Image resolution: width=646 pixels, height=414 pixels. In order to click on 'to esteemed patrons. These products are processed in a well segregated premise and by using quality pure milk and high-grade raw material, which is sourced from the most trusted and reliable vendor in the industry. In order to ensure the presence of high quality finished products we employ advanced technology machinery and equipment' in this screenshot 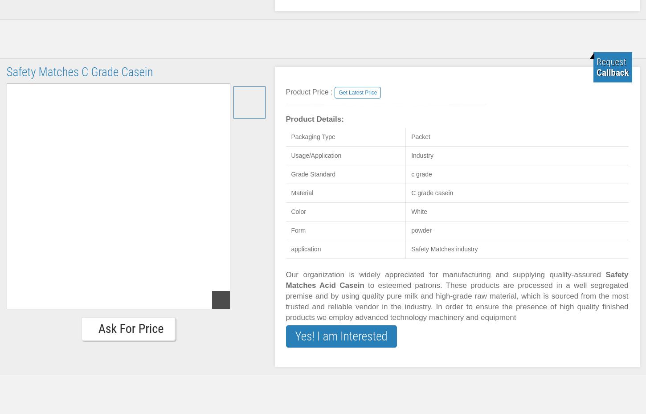, I will do `click(457, 301)`.